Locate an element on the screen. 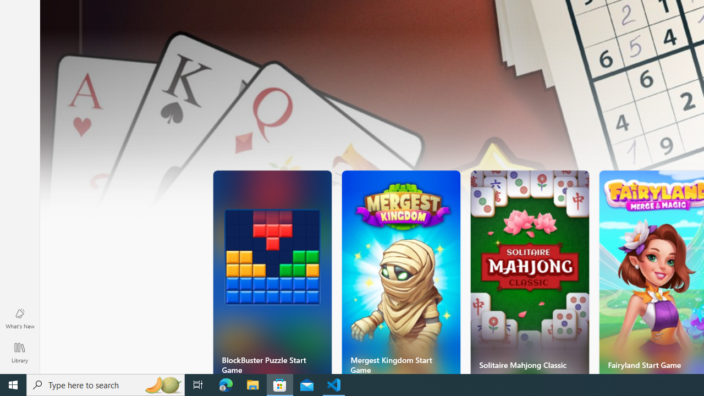  'What' is located at coordinates (19, 318).